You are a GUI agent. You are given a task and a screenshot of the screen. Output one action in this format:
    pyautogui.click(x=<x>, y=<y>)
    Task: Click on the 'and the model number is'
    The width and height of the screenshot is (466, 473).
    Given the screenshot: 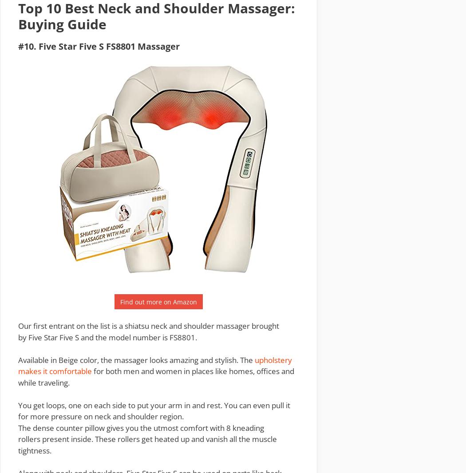 What is the action you would take?
    pyautogui.click(x=124, y=336)
    